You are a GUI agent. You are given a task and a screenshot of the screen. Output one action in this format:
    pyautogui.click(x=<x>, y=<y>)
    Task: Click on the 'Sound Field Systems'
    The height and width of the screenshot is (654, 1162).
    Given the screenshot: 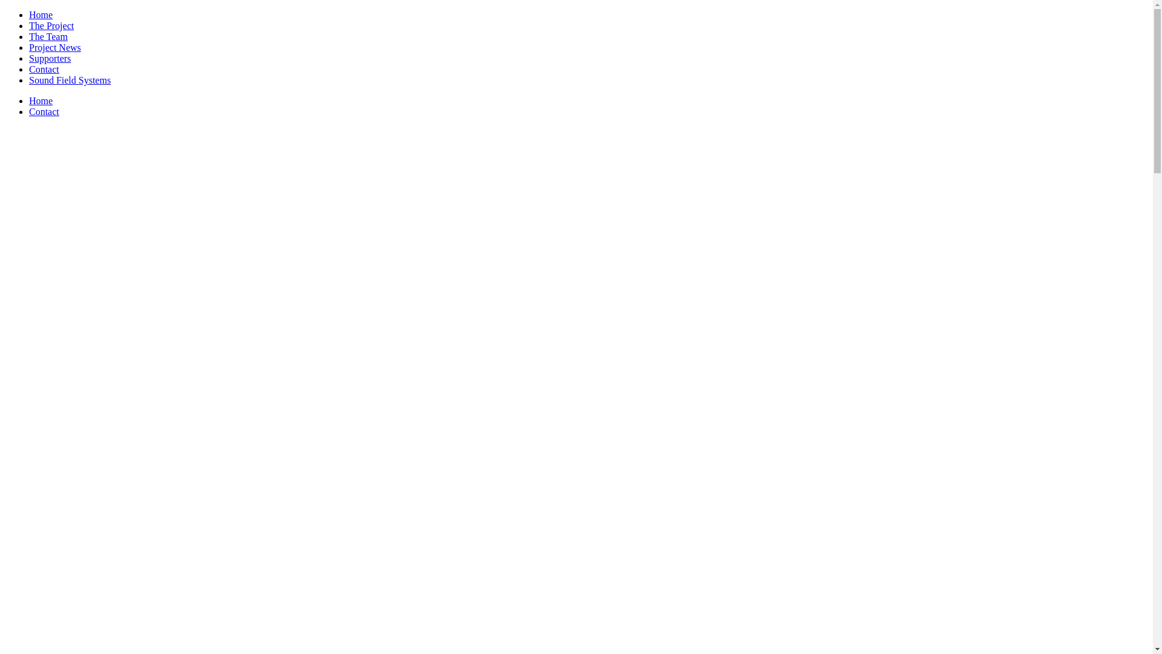 What is the action you would take?
    pyautogui.click(x=69, y=80)
    